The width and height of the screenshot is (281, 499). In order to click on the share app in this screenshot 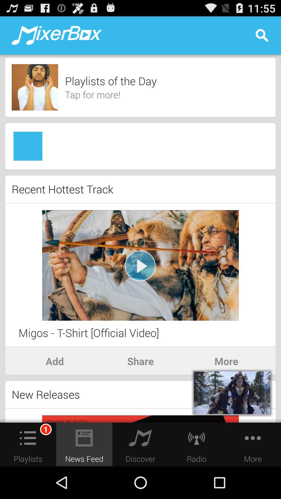, I will do `click(140, 361)`.